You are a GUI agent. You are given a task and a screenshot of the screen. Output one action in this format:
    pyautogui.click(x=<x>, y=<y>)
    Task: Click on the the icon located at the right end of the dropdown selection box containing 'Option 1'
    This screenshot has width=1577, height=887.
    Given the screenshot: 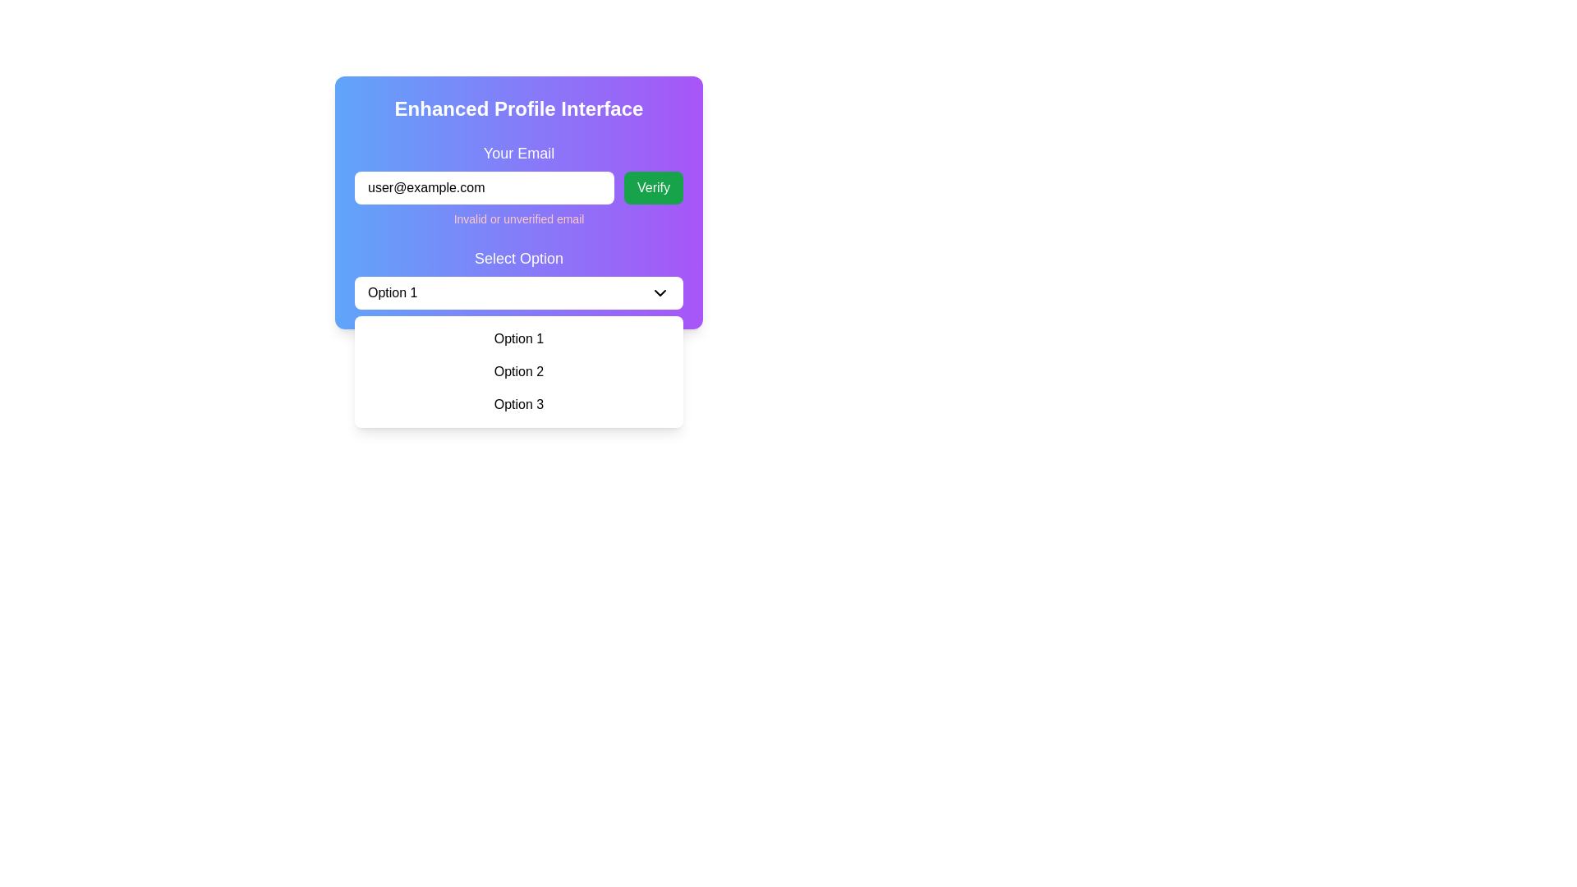 What is the action you would take?
    pyautogui.click(x=660, y=292)
    